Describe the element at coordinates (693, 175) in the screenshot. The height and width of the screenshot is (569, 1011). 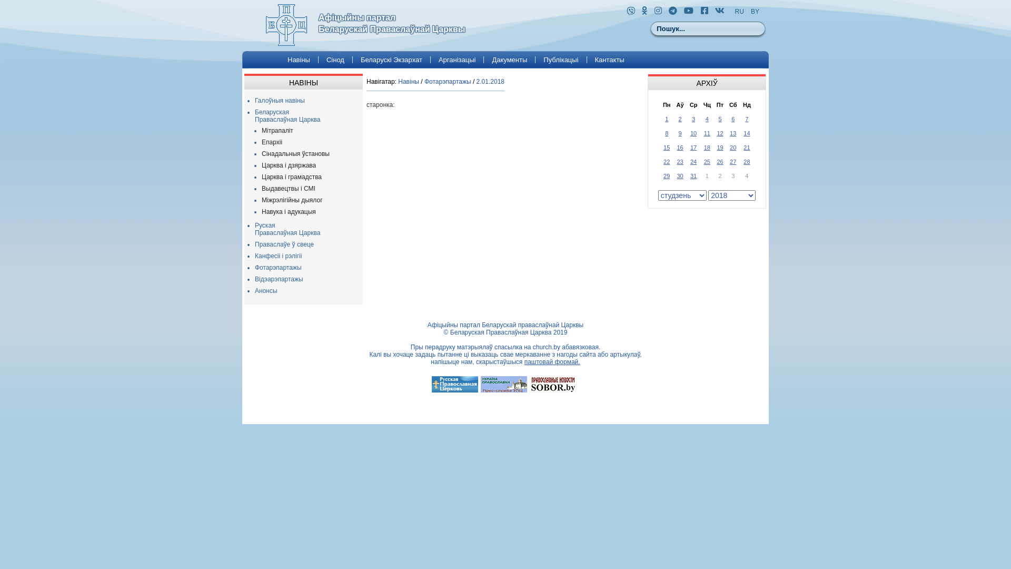
I see `'31'` at that location.